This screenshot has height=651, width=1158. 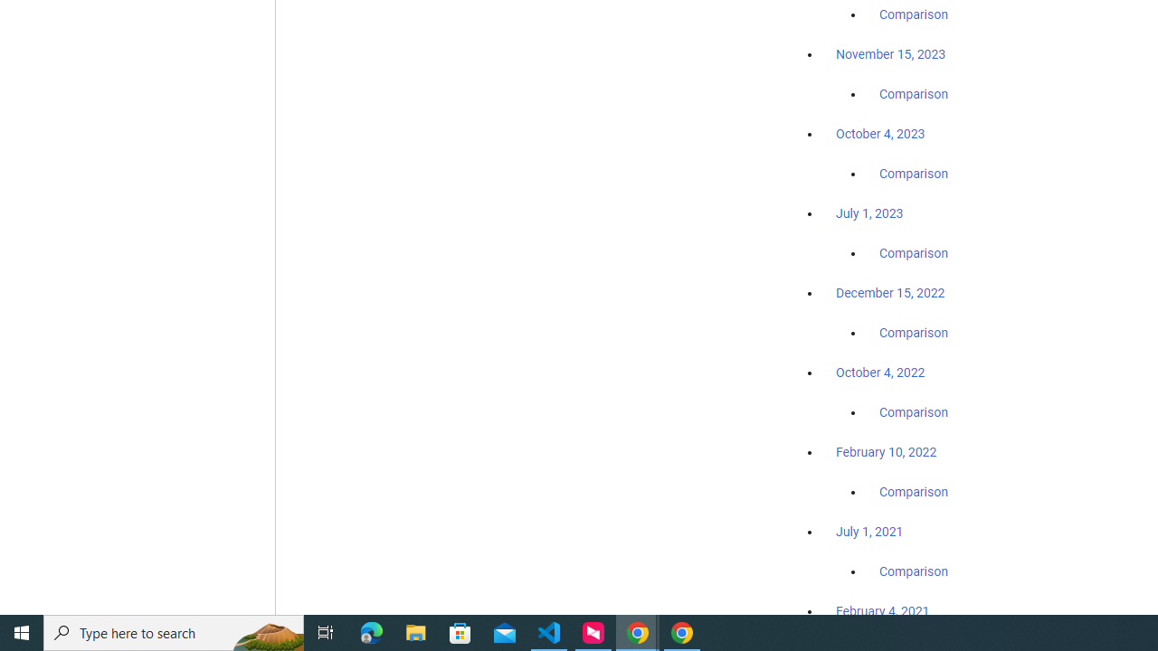 What do you see at coordinates (880, 372) in the screenshot?
I see `'October 4, 2022'` at bounding box center [880, 372].